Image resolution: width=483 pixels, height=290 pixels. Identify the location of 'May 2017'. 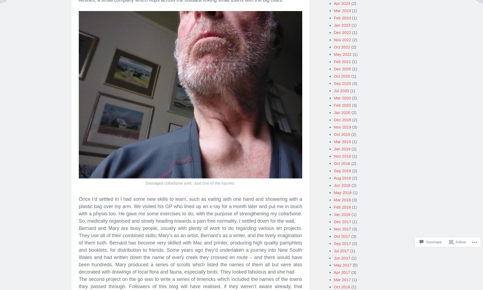
(342, 263).